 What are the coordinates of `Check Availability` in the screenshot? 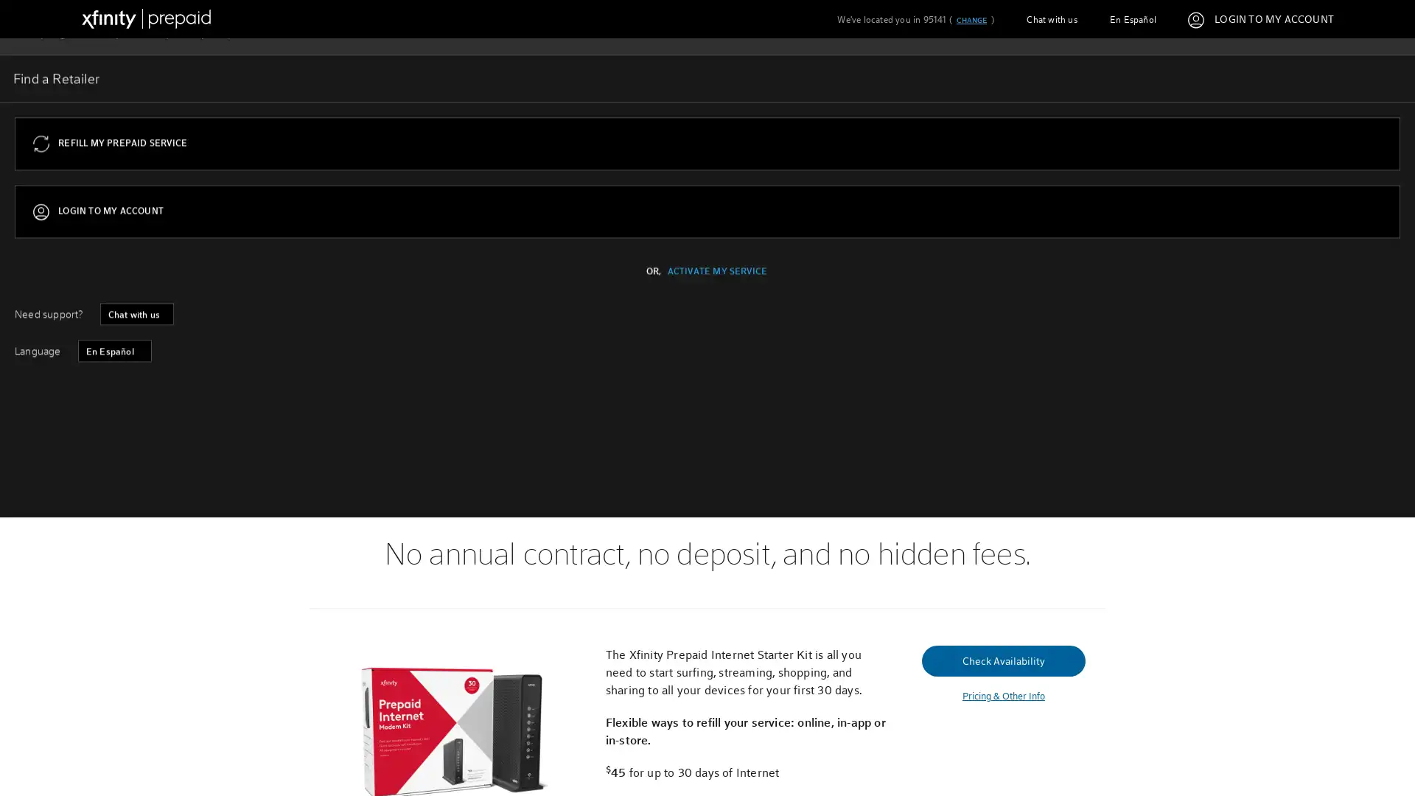 It's located at (1002, 659).